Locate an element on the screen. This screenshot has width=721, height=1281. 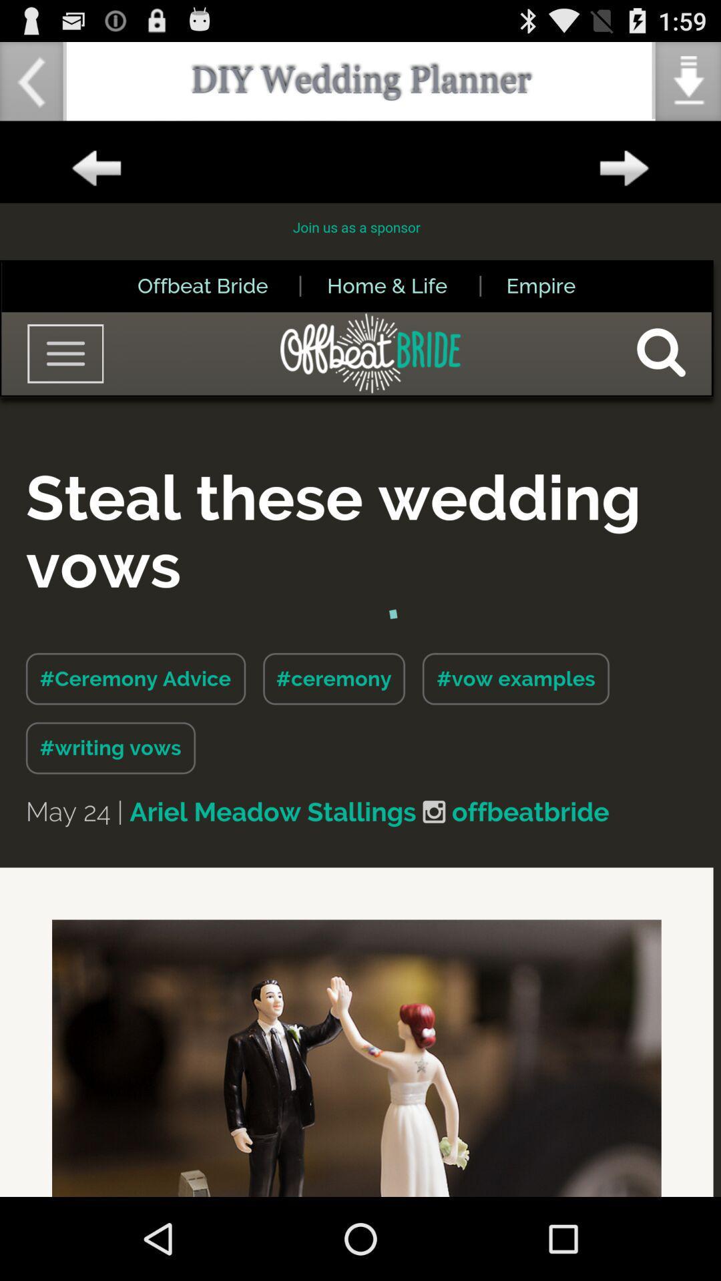
the arrow_forward icon is located at coordinates (624, 180).